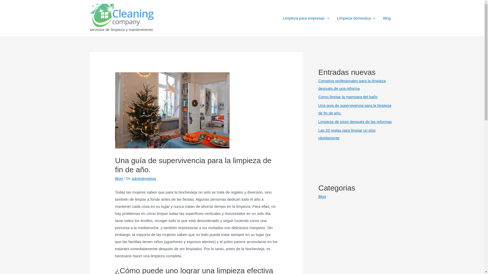 The width and height of the screenshot is (488, 274). What do you see at coordinates (356, 18) in the screenshot?
I see `'Limpieza domestica'` at bounding box center [356, 18].